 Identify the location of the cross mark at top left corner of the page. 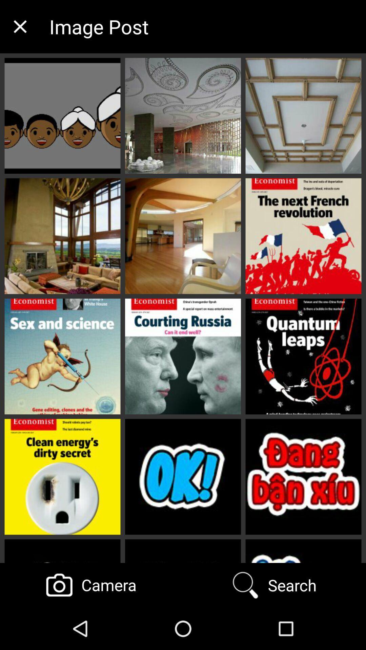
(20, 26).